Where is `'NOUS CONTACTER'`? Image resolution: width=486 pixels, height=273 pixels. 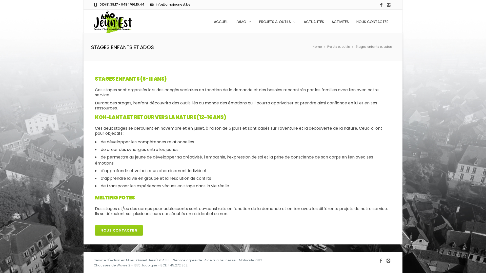
'NOUS CONTACTER' is located at coordinates (372, 21).